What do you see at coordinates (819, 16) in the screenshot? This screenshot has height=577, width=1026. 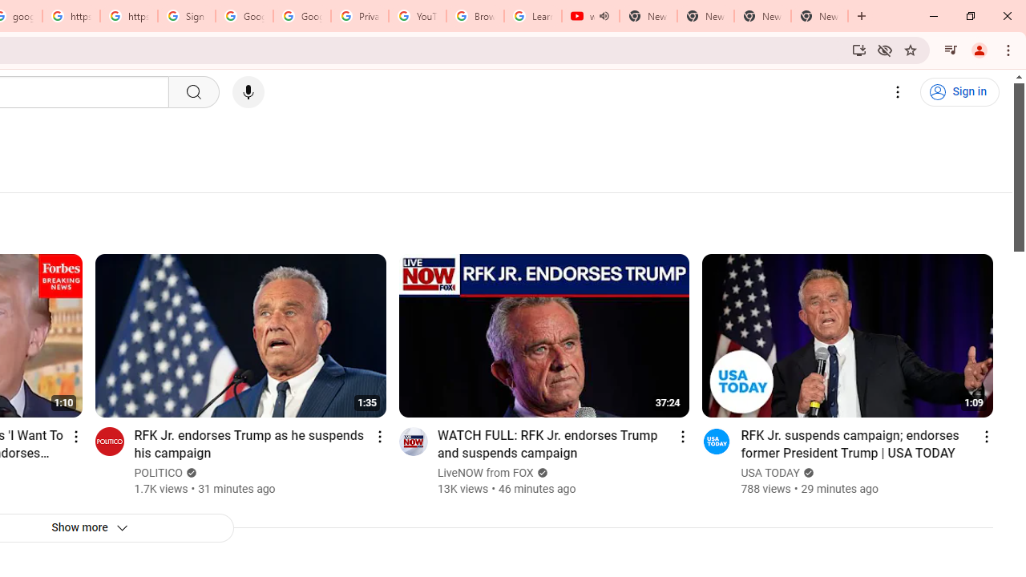 I see `'New Tab'` at bounding box center [819, 16].